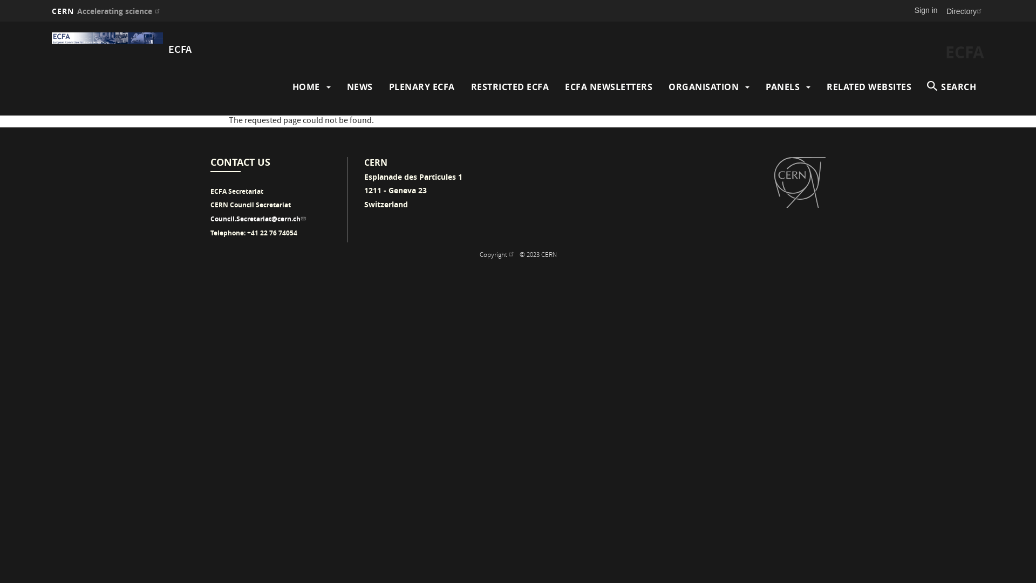 The width and height of the screenshot is (1036, 583). What do you see at coordinates (496, 255) in the screenshot?
I see `'Copyright (link is external)'` at bounding box center [496, 255].